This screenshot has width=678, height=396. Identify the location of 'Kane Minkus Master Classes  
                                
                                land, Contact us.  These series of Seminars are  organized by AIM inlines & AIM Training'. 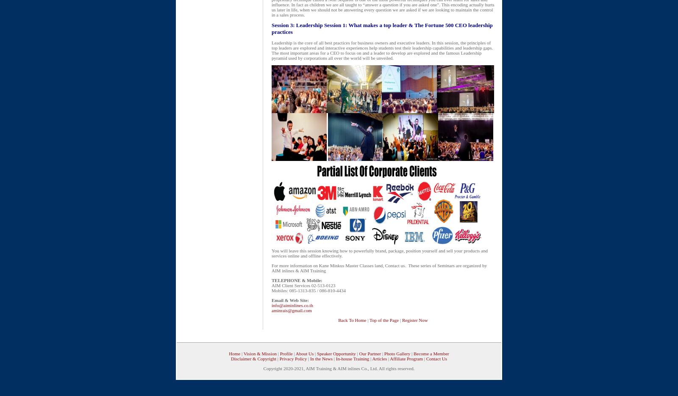
(378, 267).